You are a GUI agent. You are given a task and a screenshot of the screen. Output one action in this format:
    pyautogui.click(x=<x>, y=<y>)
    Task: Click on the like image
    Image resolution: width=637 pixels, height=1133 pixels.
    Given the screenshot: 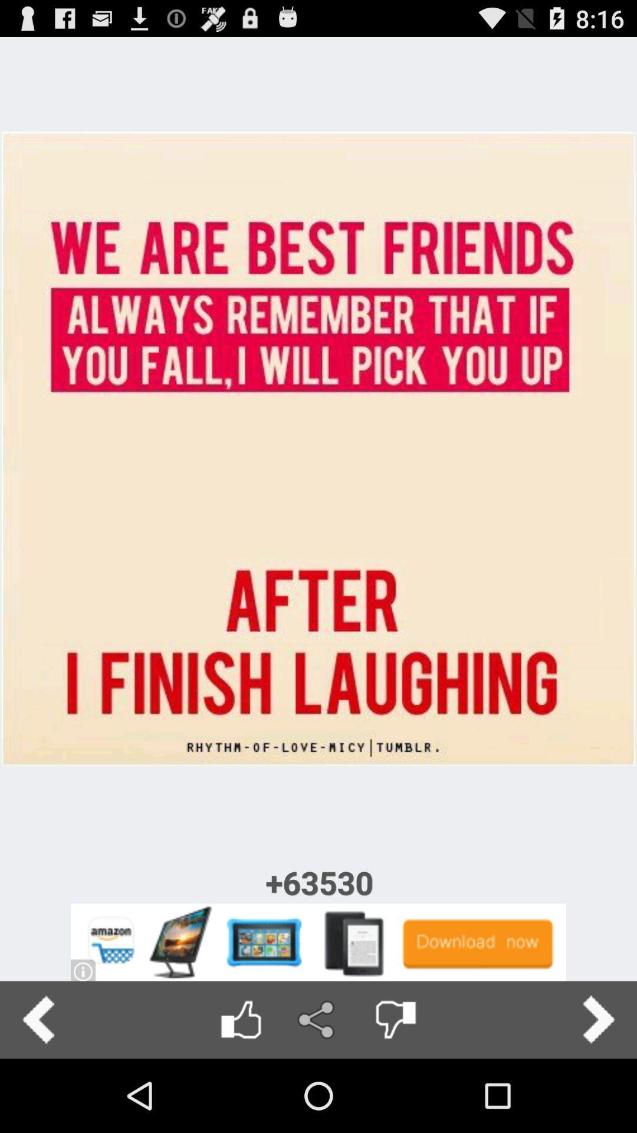 What is the action you would take?
    pyautogui.click(x=240, y=1019)
    